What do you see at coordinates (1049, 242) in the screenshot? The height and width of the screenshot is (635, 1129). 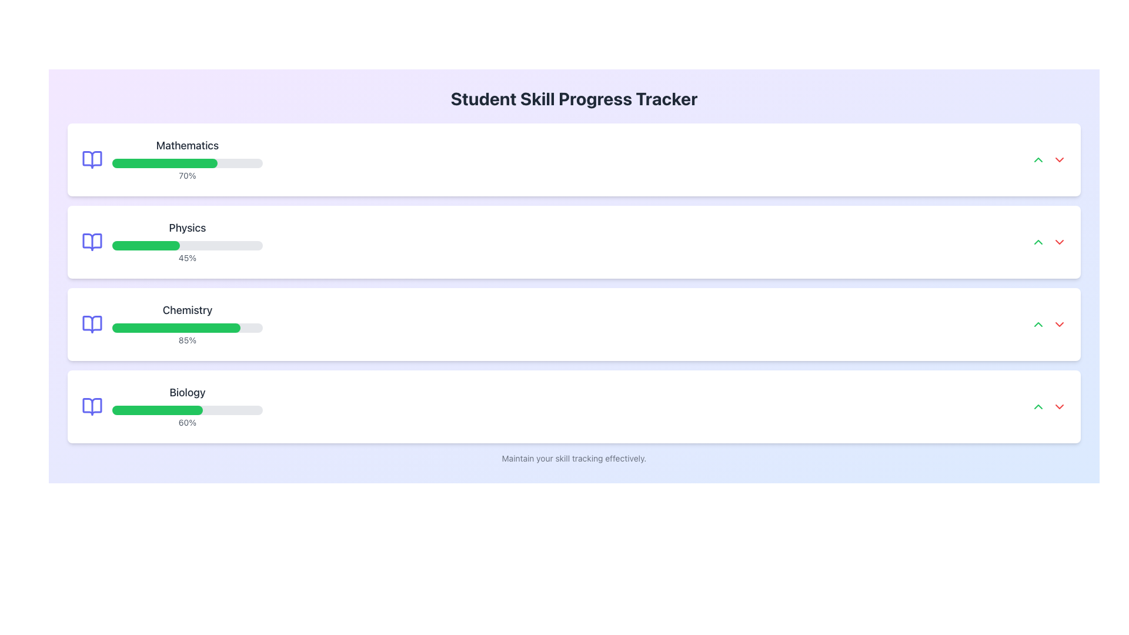 I see `the green upward-pointing increment button located to the far right of the 'Physics' progress section to increase the value` at bounding box center [1049, 242].